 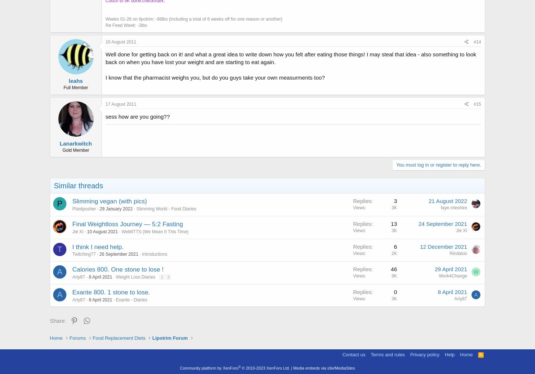 I want to click on 'Rindaloo', so click(x=449, y=253).